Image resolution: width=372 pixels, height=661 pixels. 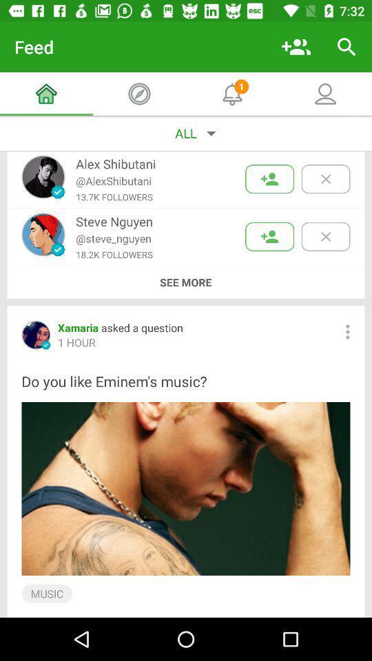 What do you see at coordinates (185, 282) in the screenshot?
I see `the item above xamaria asked a` at bounding box center [185, 282].